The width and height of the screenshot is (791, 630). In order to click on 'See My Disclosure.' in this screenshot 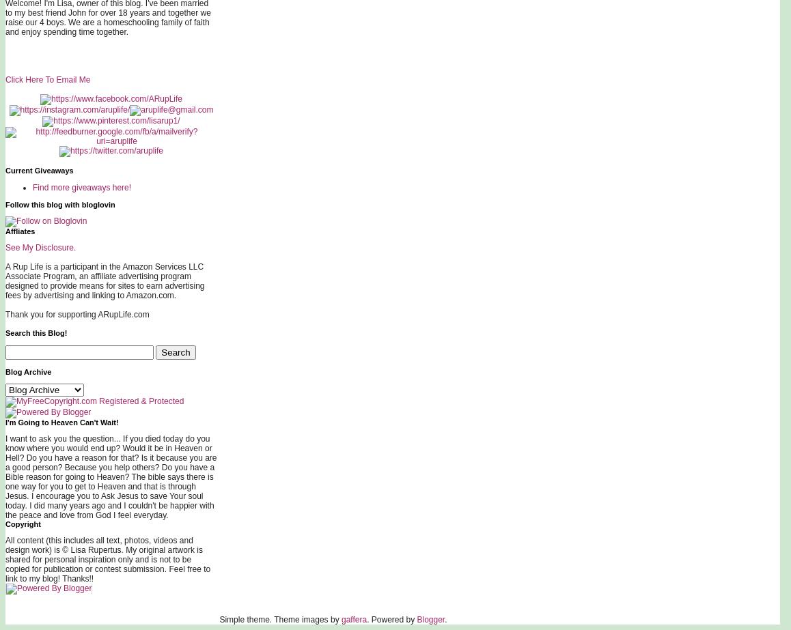, I will do `click(40, 248)`.